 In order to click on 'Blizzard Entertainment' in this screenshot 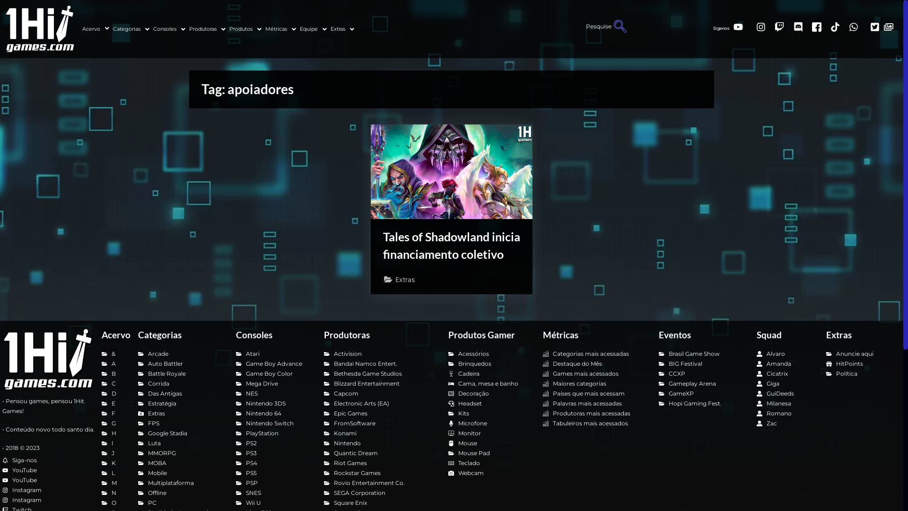, I will do `click(381, 383)`.